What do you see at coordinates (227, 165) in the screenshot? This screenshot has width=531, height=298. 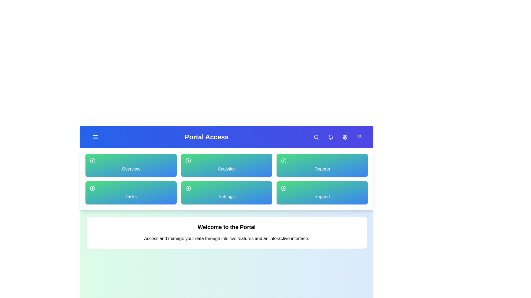 I see `the 'Analytics' card` at bounding box center [227, 165].